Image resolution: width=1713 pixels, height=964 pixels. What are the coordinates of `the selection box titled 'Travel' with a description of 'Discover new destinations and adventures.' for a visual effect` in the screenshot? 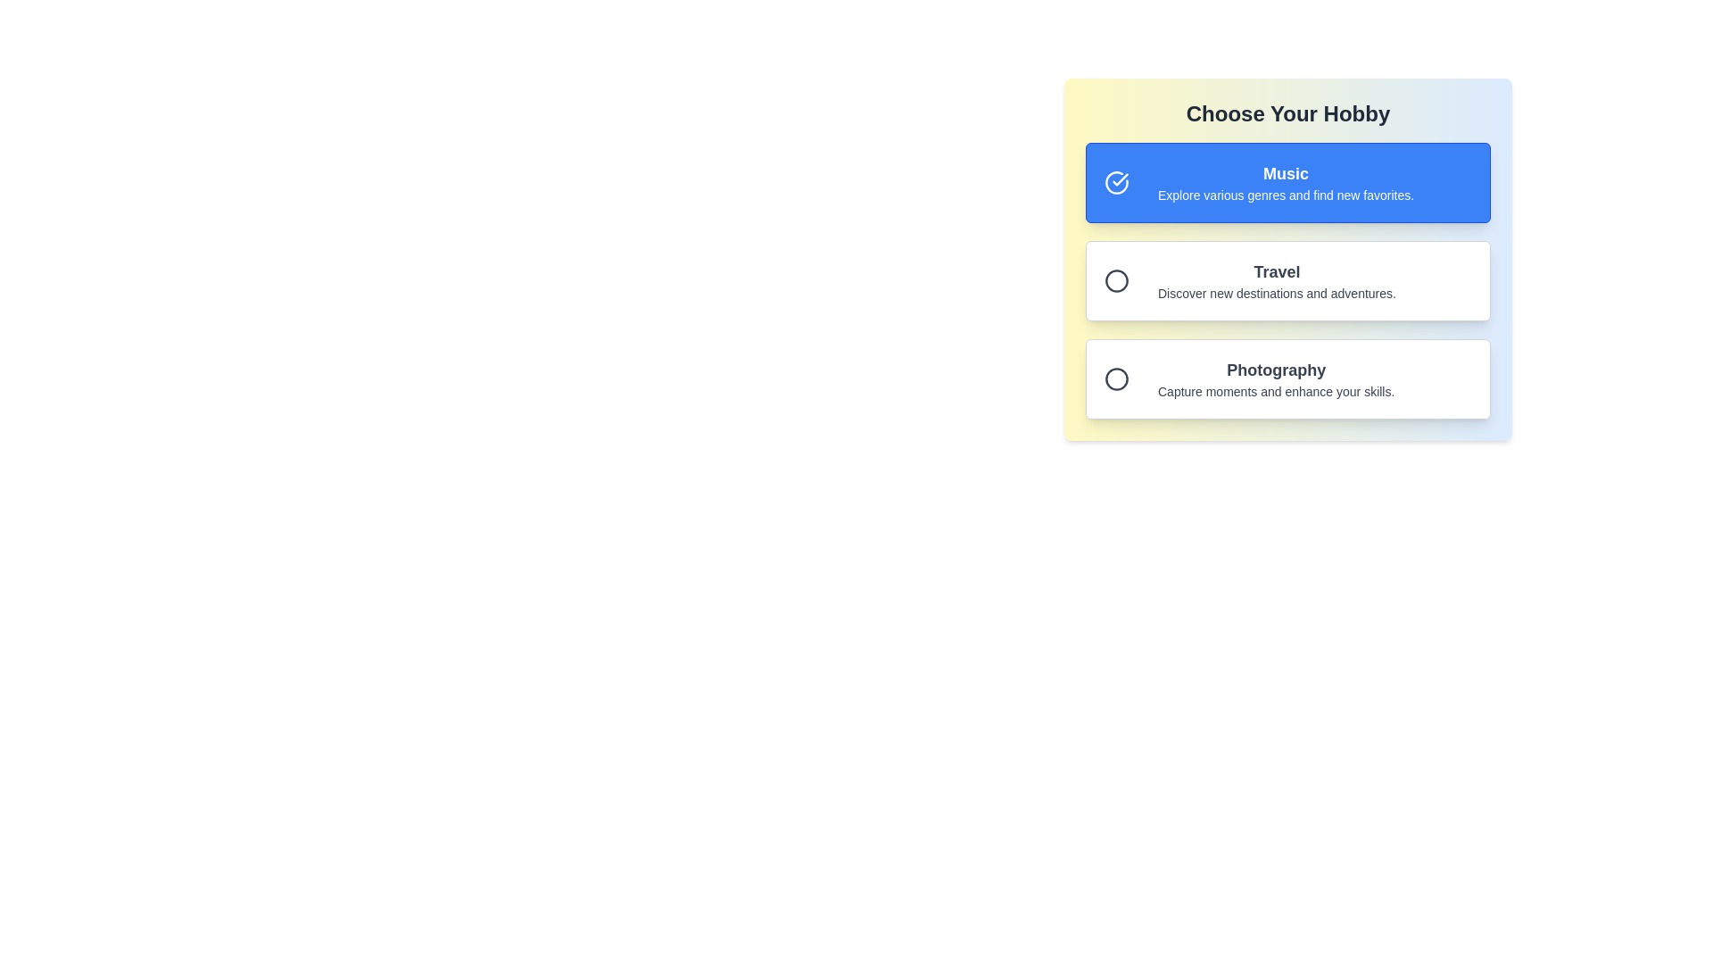 It's located at (1288, 259).